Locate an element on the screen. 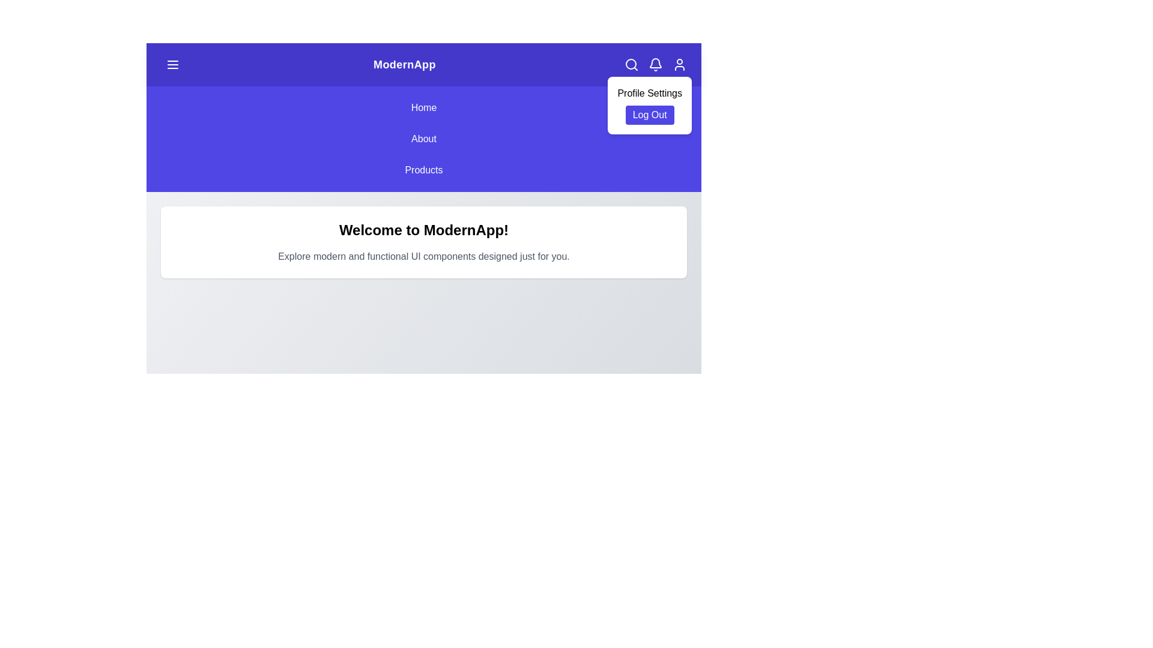  the menu toggle button to toggle the navigation menu visibility is located at coordinates (172, 65).